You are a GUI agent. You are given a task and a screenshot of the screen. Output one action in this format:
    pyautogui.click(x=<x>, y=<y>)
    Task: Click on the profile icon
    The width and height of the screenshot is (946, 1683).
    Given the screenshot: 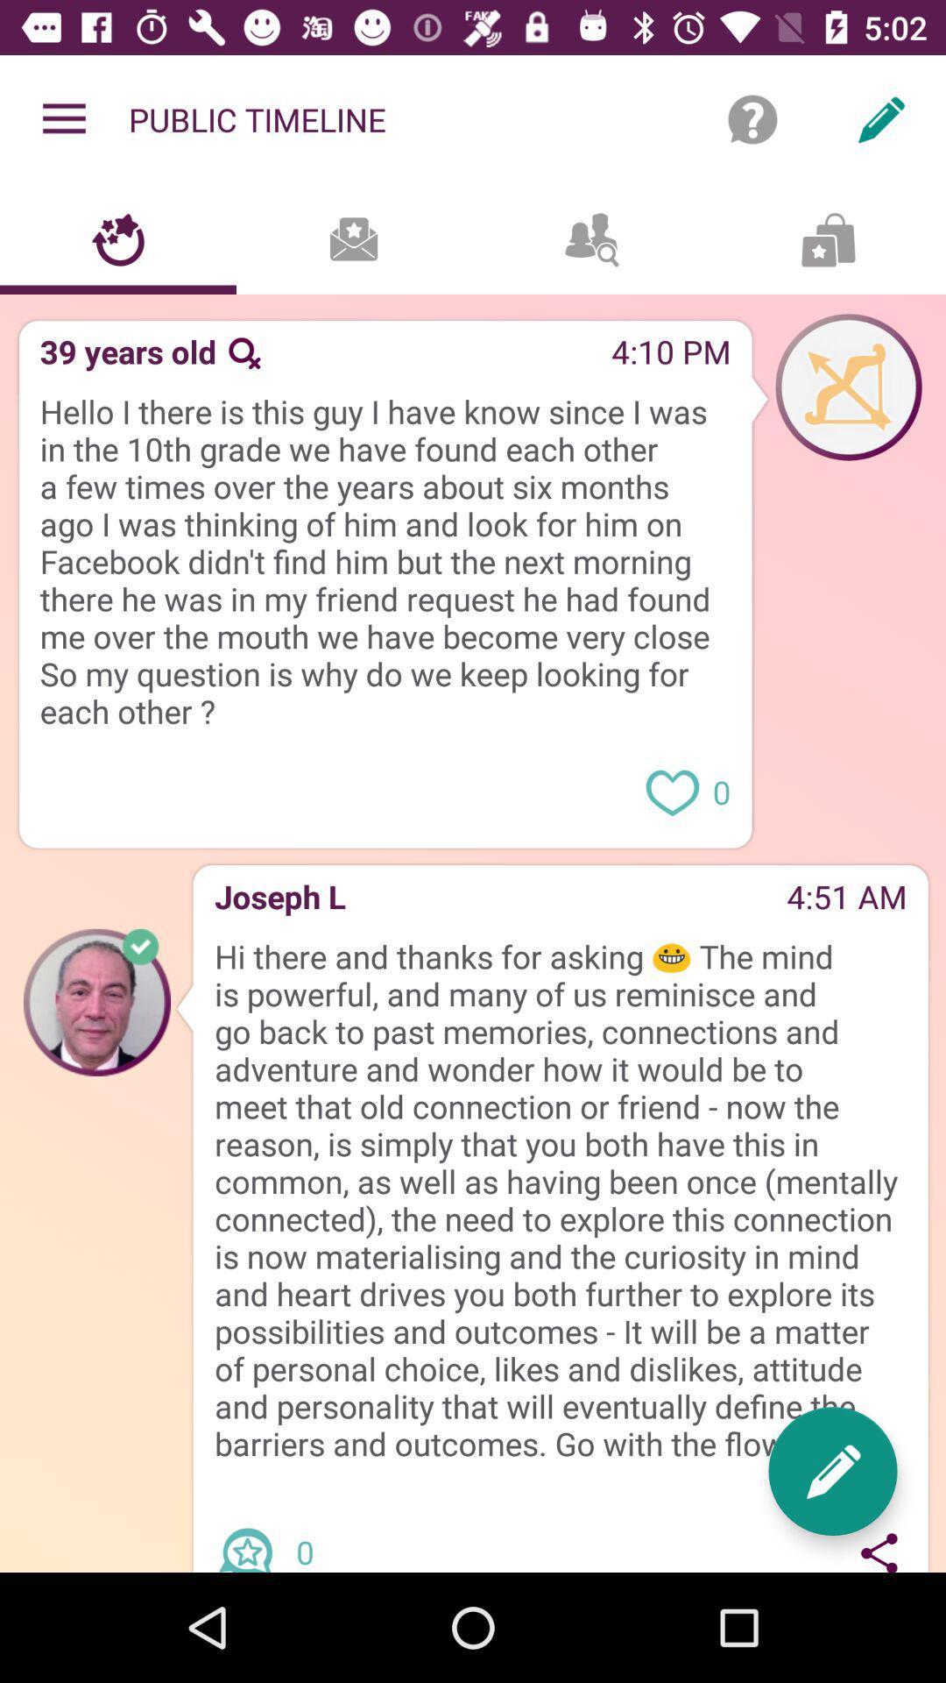 What is the action you would take?
    pyautogui.click(x=847, y=386)
    